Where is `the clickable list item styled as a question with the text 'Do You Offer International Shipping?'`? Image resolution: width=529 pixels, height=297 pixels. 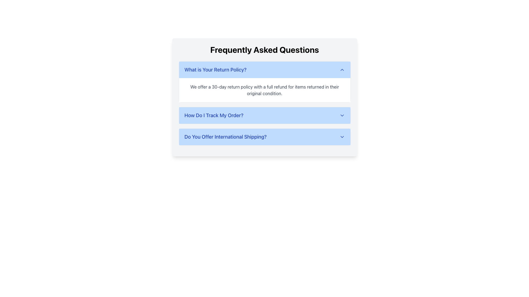
the clickable list item styled as a question with the text 'Do You Offer International Shipping?' is located at coordinates (264, 136).